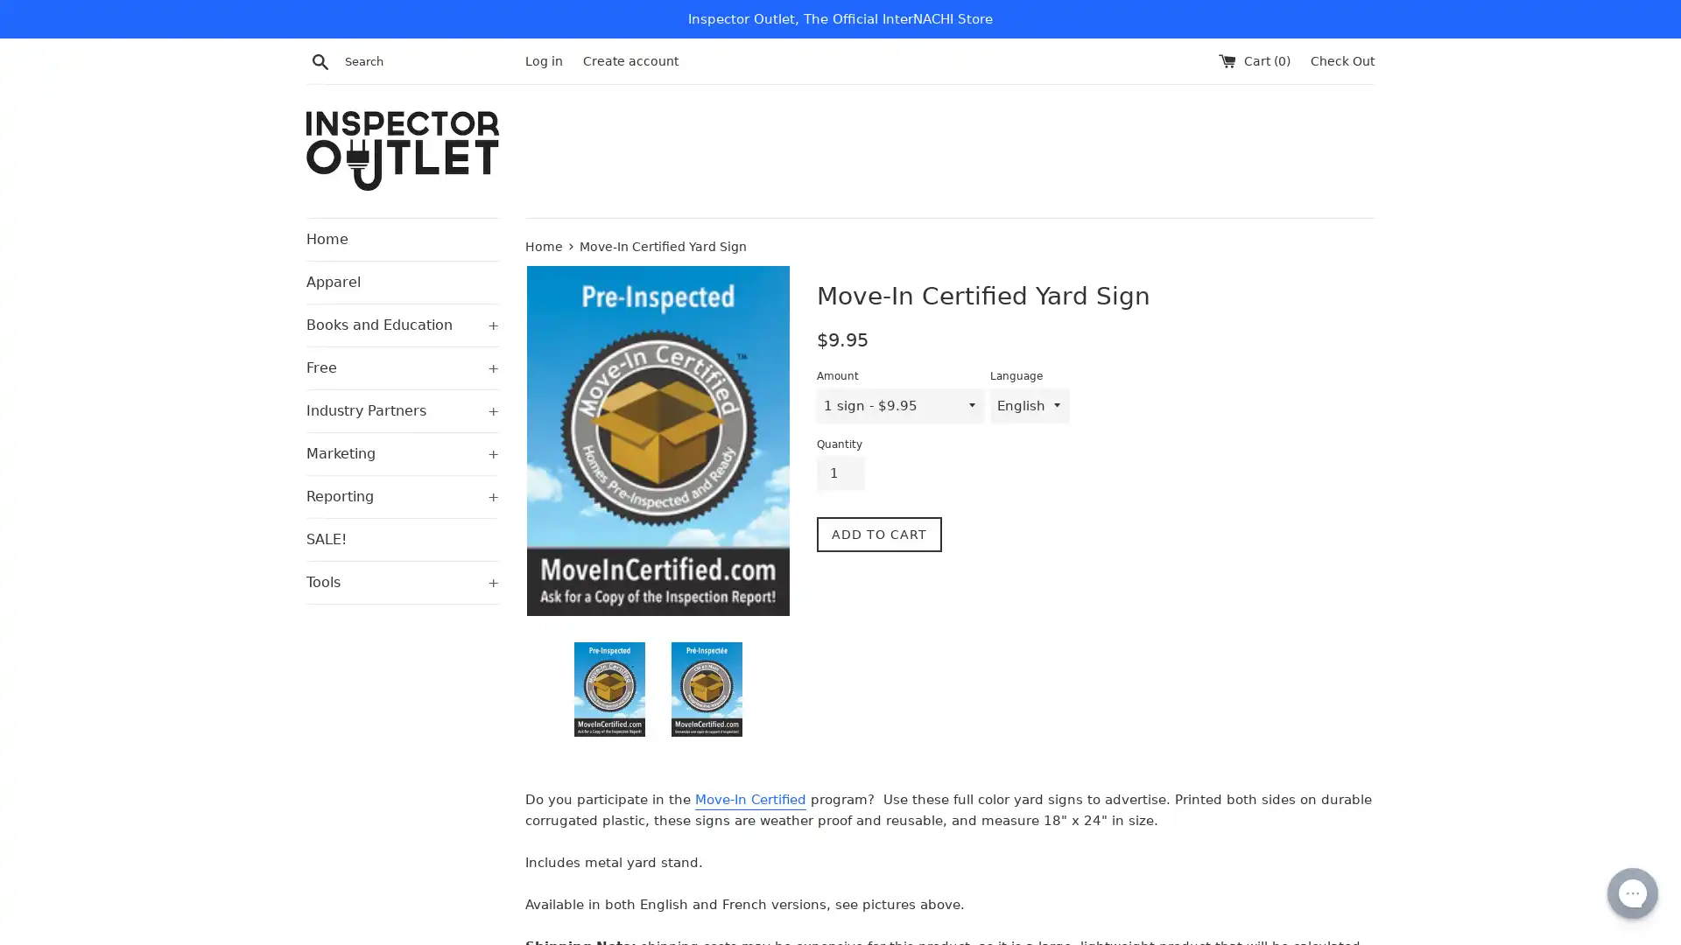  What do you see at coordinates (402, 496) in the screenshot?
I see `Reporting +` at bounding box center [402, 496].